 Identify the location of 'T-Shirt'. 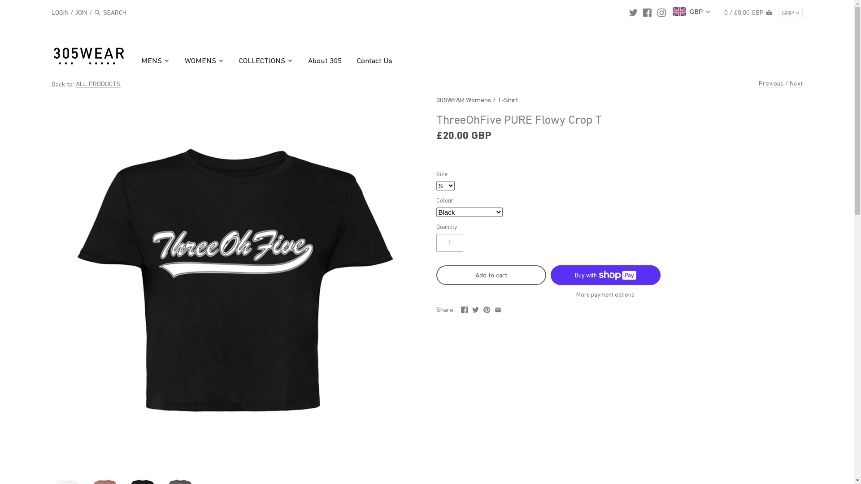
(507, 99).